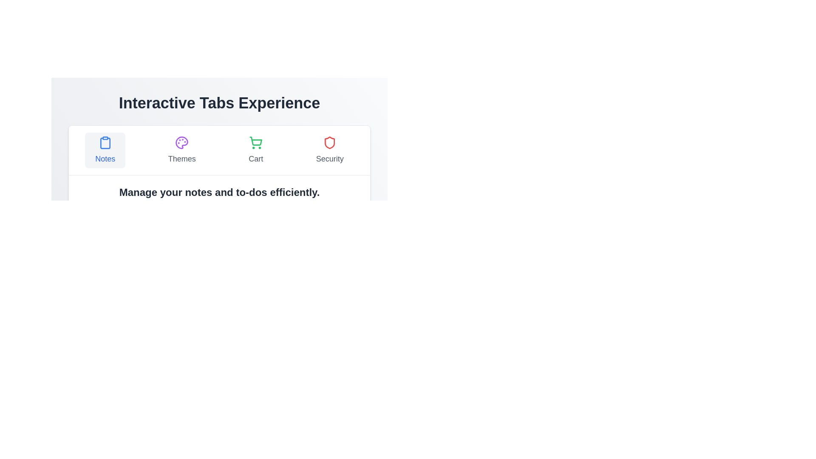  I want to click on the tab labeled Security to switch views, so click(329, 150).